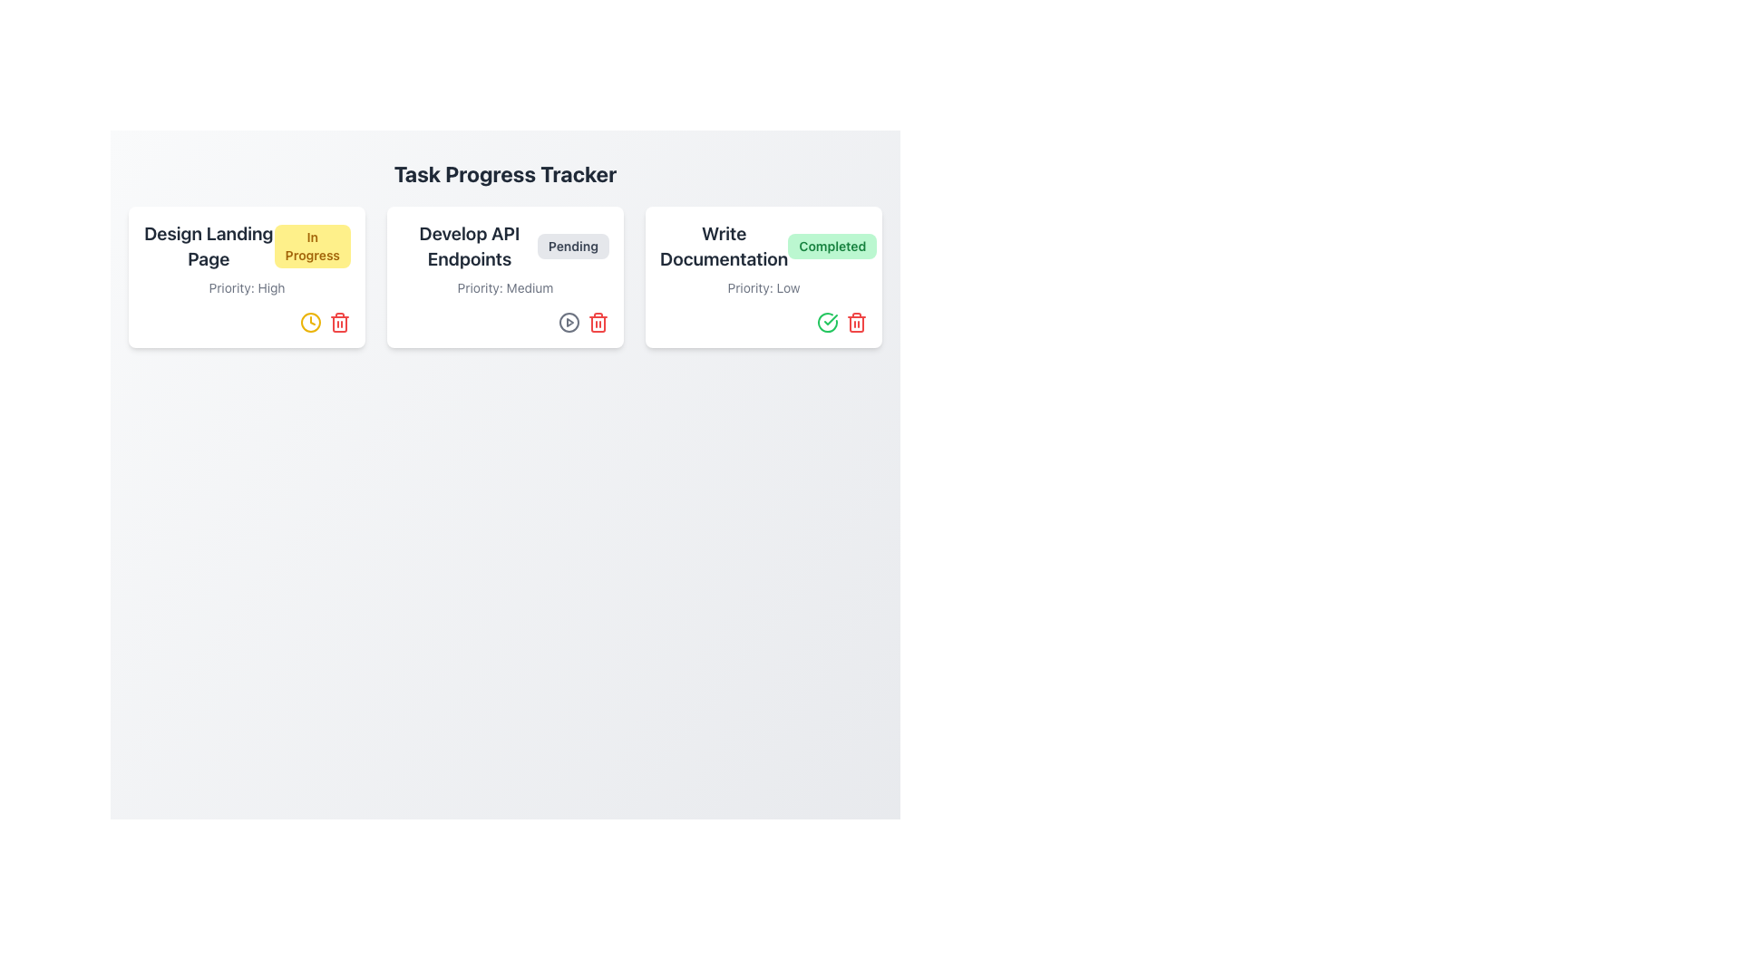 The width and height of the screenshot is (1741, 979). Describe the element at coordinates (246, 276) in the screenshot. I see `text content of the card titled 'Design Landing Page' which has a status label 'In Progress' and a message 'Priority: High'` at that location.